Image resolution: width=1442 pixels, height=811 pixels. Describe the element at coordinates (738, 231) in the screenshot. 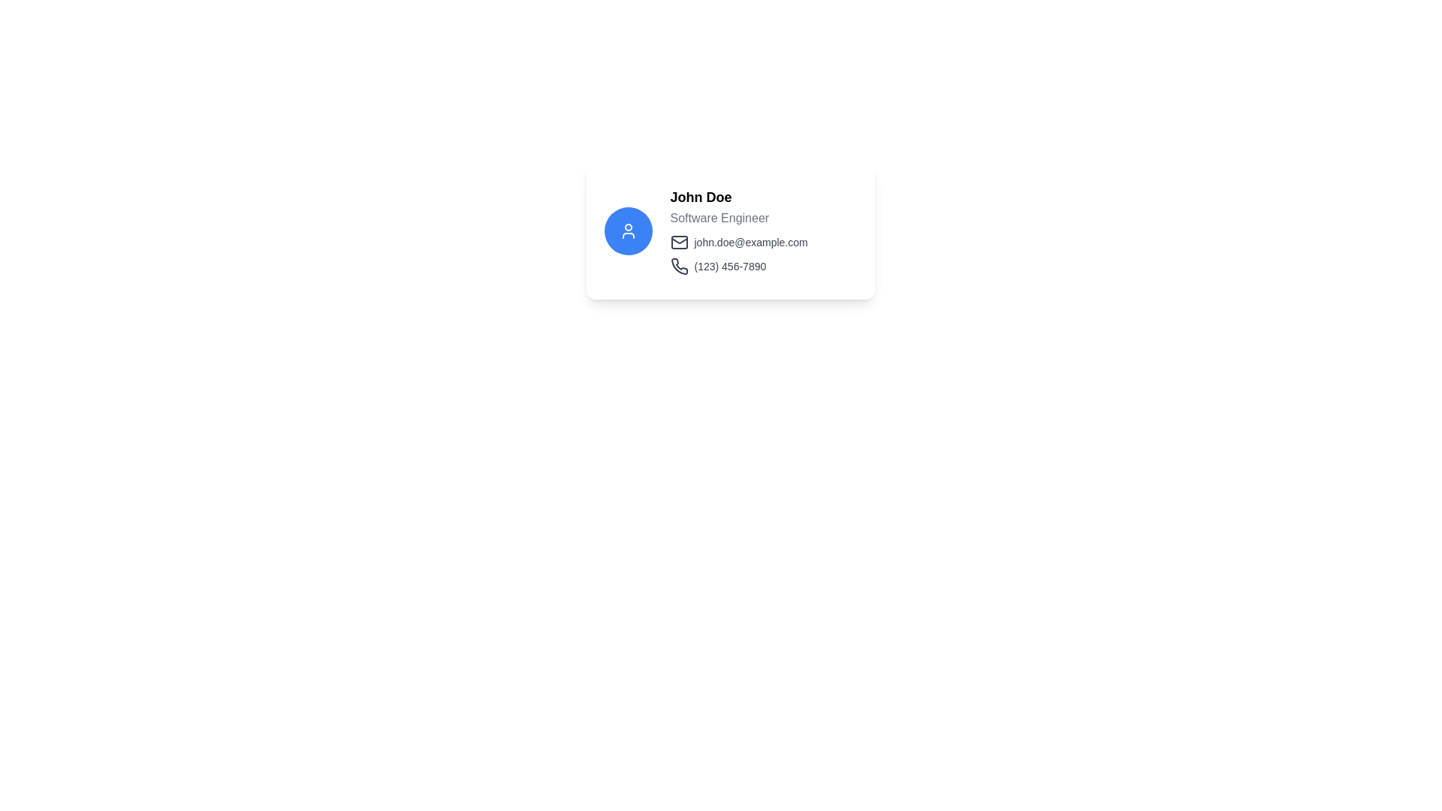

I see `the text display element containing personal information, including name, designation, email, and phone number with icons` at that location.